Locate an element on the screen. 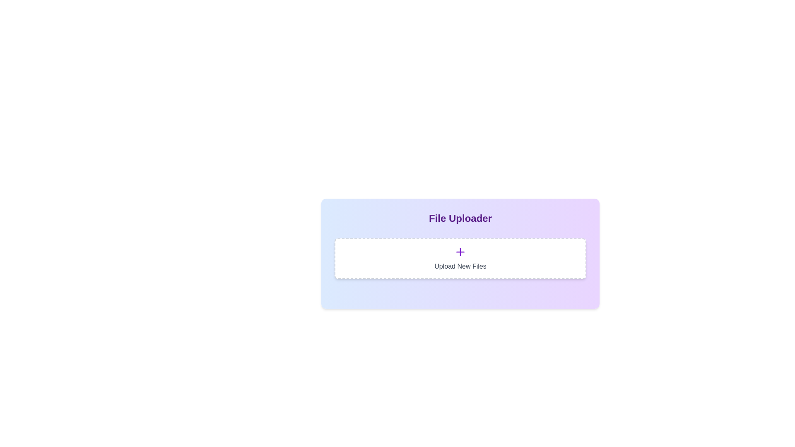  the 'Upload New Files' button, which is a white rectangular area with a dashed gray border and a purple plus icon is located at coordinates (460, 258).